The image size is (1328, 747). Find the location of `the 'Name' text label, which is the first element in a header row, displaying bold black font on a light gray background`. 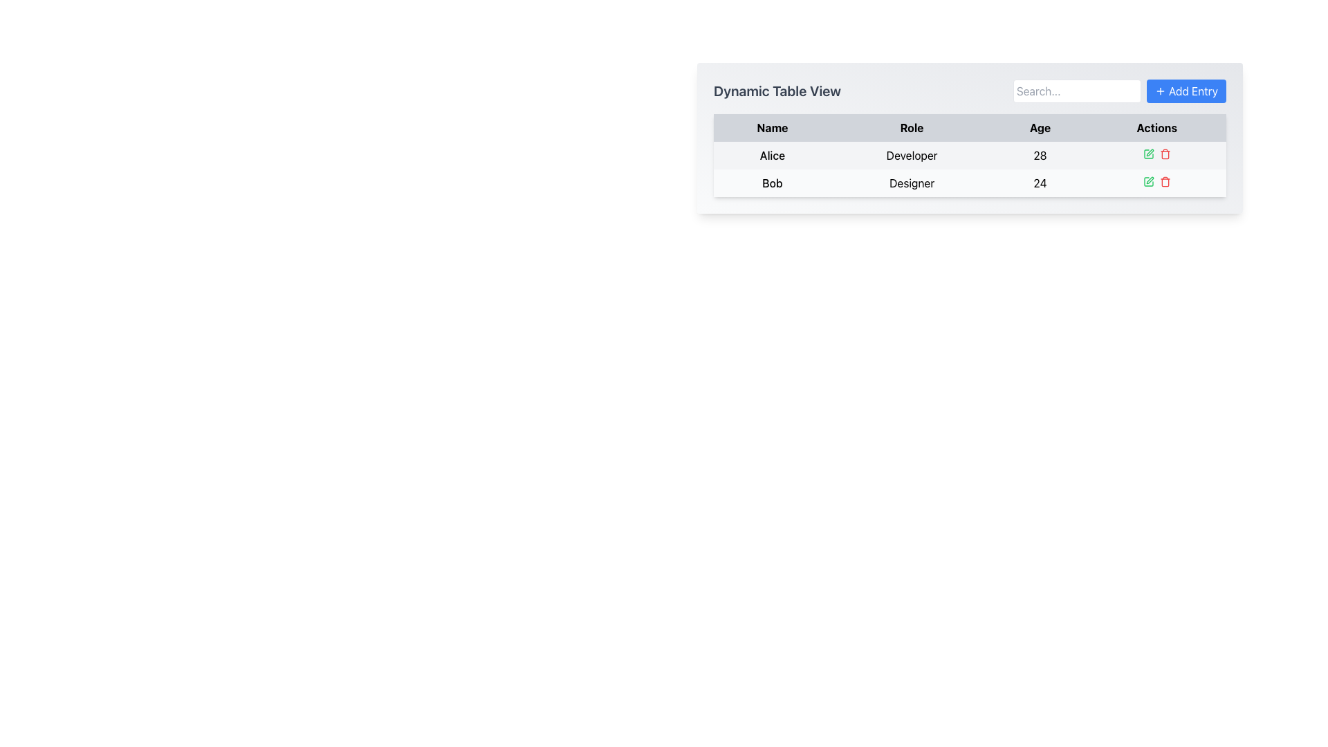

the 'Name' text label, which is the first element in a header row, displaying bold black font on a light gray background is located at coordinates (771, 128).